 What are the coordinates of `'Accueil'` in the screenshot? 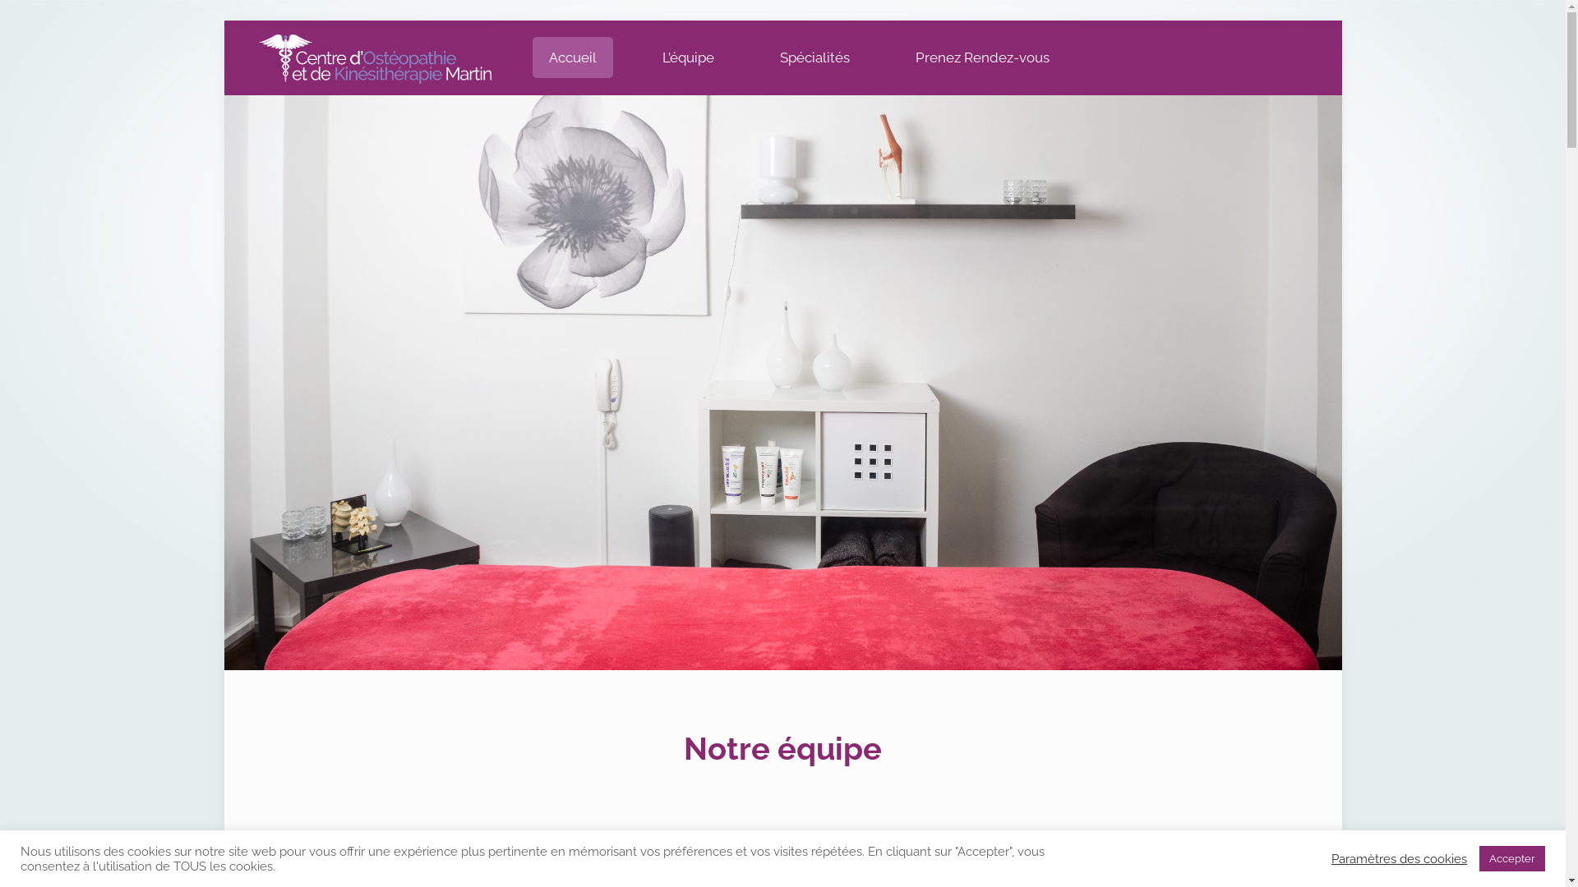 It's located at (572, 56).